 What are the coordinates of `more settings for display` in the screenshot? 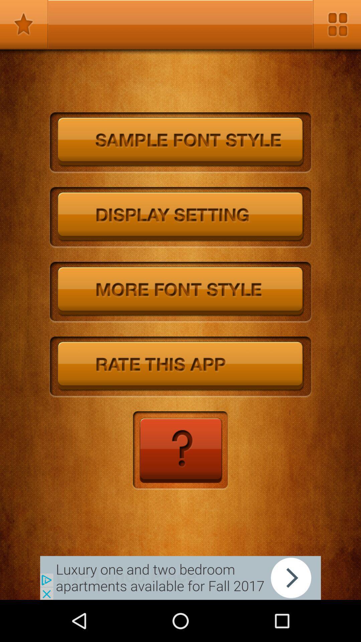 It's located at (180, 218).